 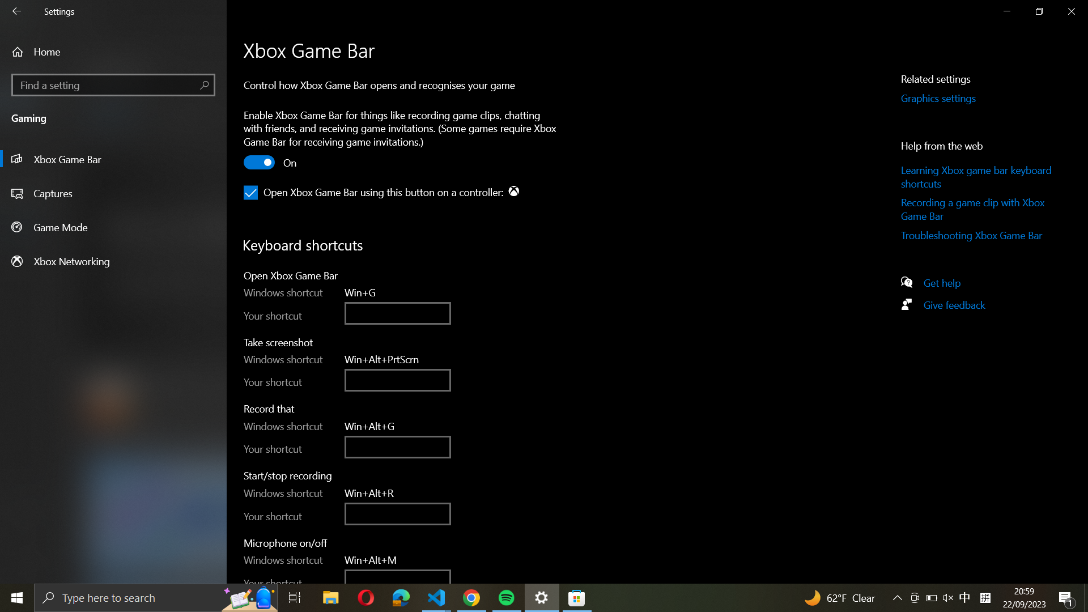 What do you see at coordinates (951, 98) in the screenshot?
I see `the Graphics Settings by using the button in the right-side panel` at bounding box center [951, 98].